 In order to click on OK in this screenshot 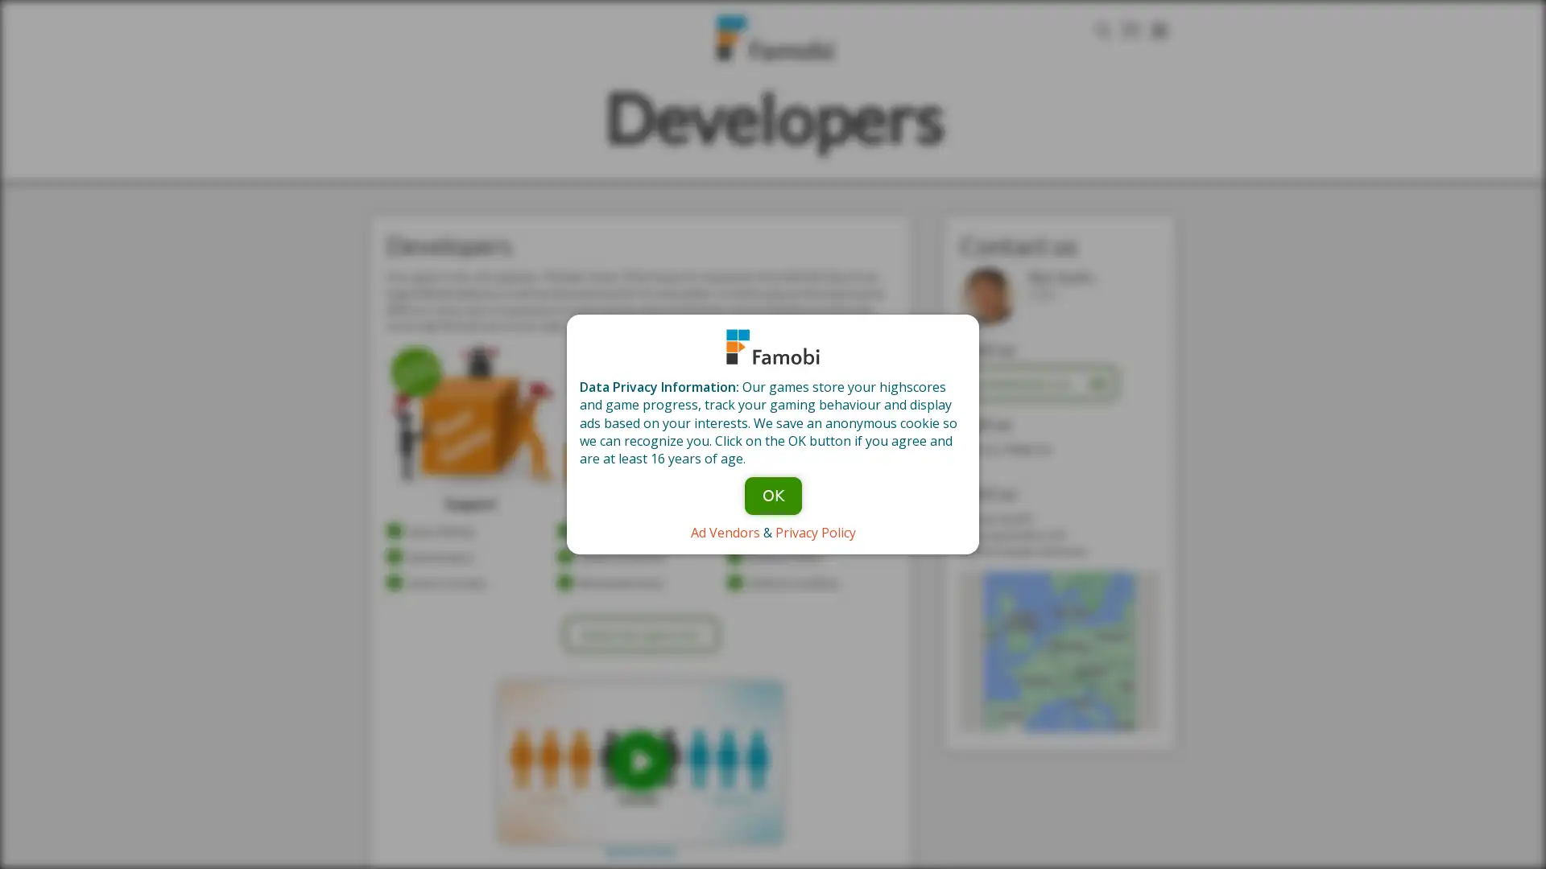, I will do `click(771, 494)`.